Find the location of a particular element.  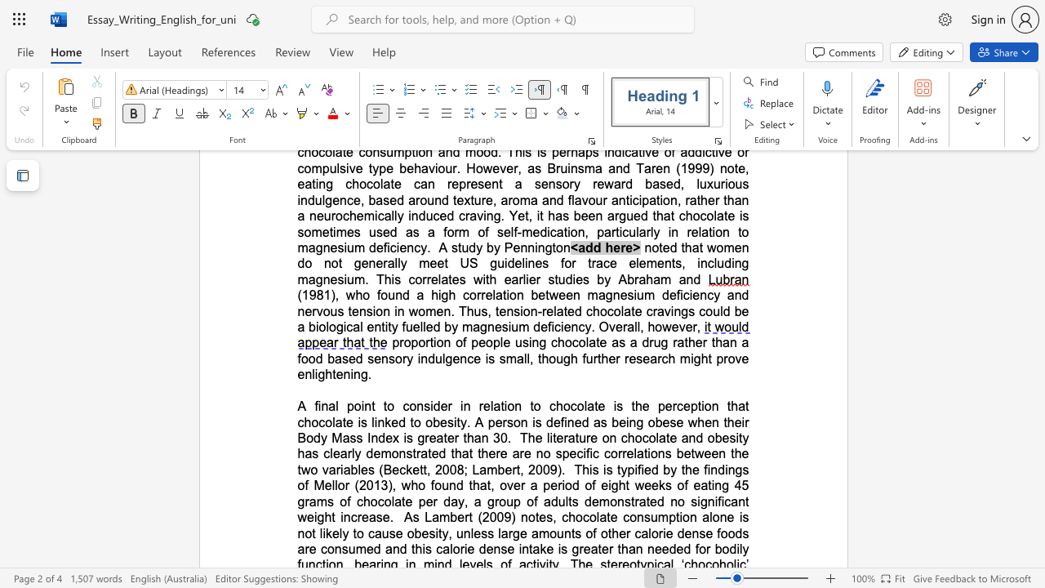

the subset text "ing." within the text "proportion of people using chocolate as a drug rather than a food based sensory indulgence is small, though further research might prove enlightening." is located at coordinates (349, 374).